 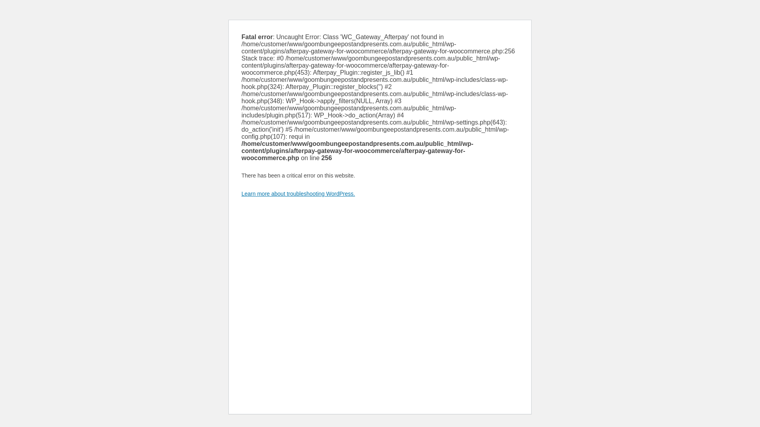 What do you see at coordinates (298, 193) in the screenshot?
I see `'Learn more about troubleshooting WordPress.'` at bounding box center [298, 193].